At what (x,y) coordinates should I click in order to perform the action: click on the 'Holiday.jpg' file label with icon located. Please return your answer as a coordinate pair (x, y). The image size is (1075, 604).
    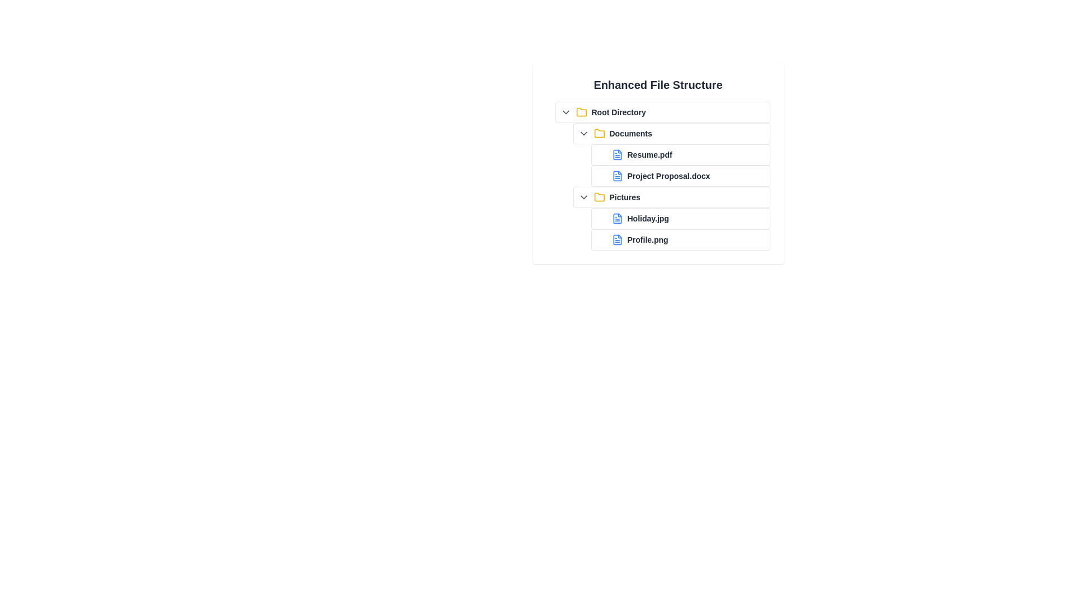
    Looking at the image, I should click on (667, 218).